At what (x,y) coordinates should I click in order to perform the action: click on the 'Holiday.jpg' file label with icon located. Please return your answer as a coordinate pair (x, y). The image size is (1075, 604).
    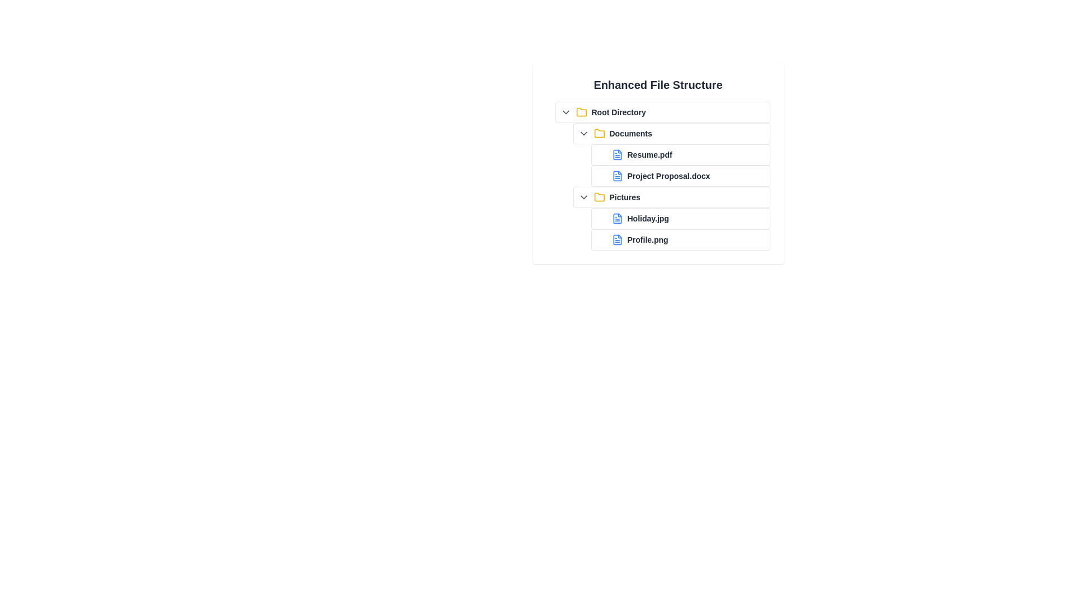
    Looking at the image, I should click on (667, 218).